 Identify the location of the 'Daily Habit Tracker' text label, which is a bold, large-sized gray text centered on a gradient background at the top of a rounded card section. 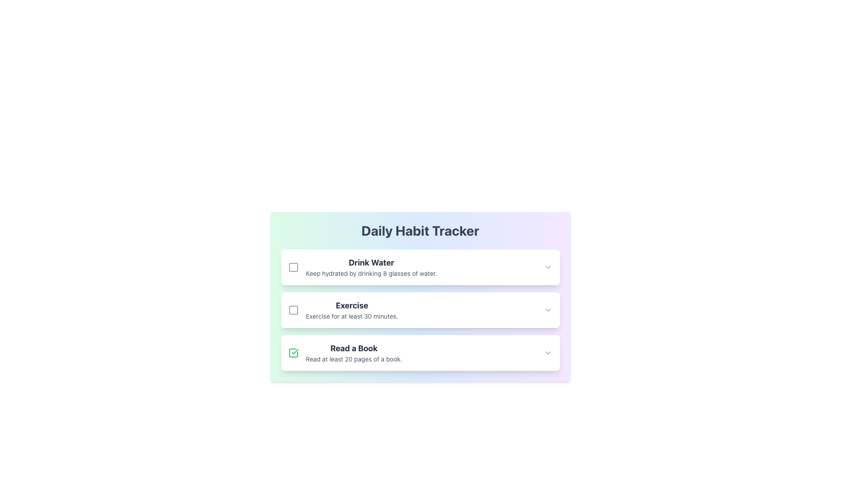
(420, 230).